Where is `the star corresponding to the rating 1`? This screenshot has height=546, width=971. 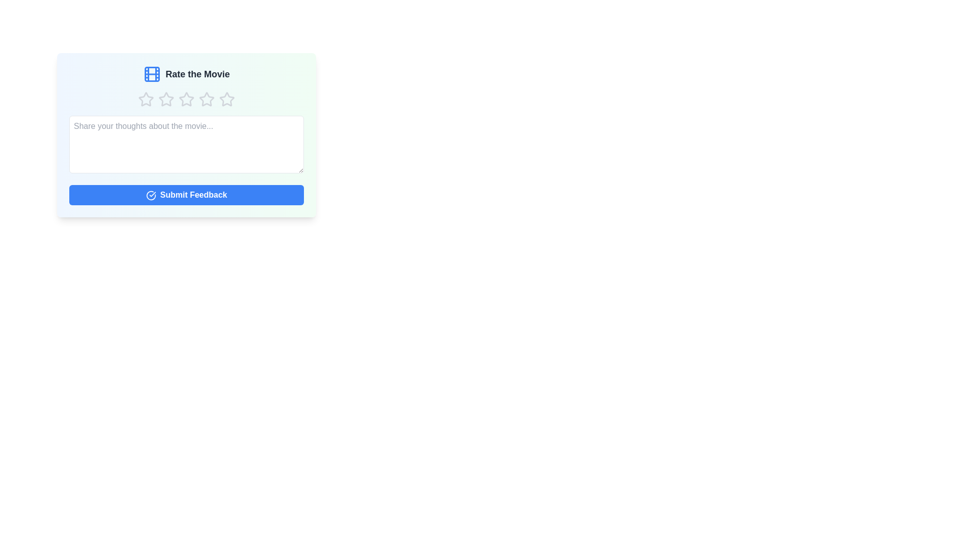
the star corresponding to the rating 1 is located at coordinates (145, 99).